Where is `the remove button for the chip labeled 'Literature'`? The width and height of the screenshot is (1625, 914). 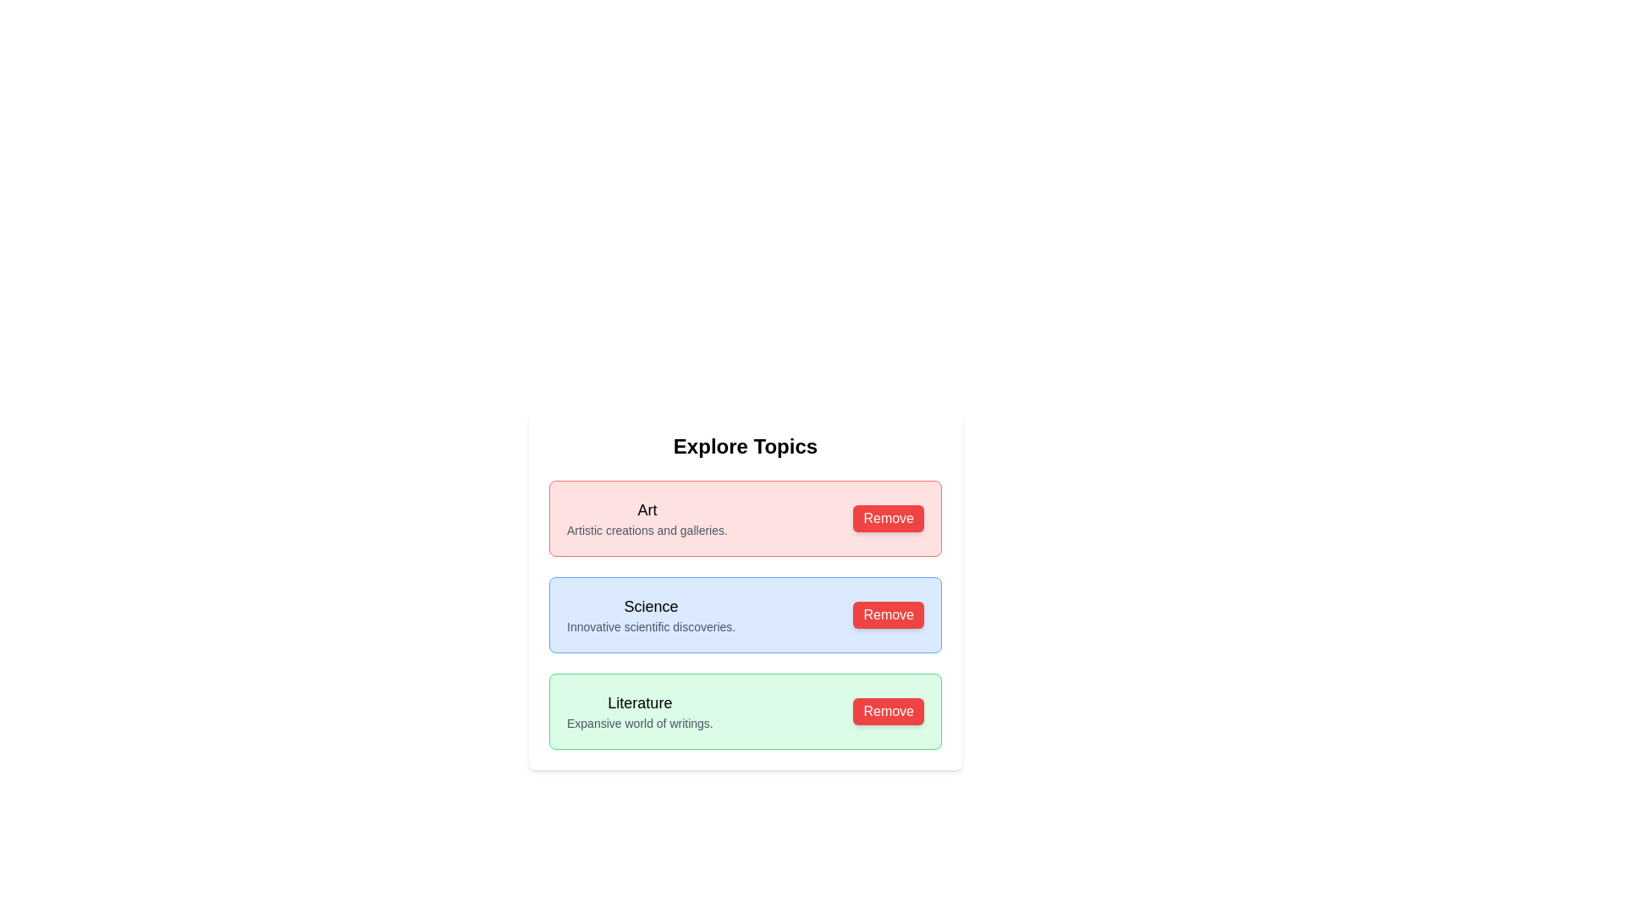 the remove button for the chip labeled 'Literature' is located at coordinates (888, 711).